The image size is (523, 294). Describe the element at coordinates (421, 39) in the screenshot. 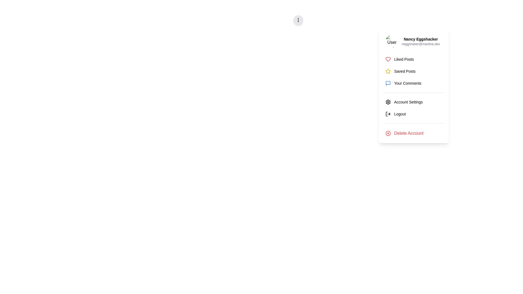

I see `displayed name 'Nancy Eggshacker' from the text label located at the top of the user profile section` at that location.